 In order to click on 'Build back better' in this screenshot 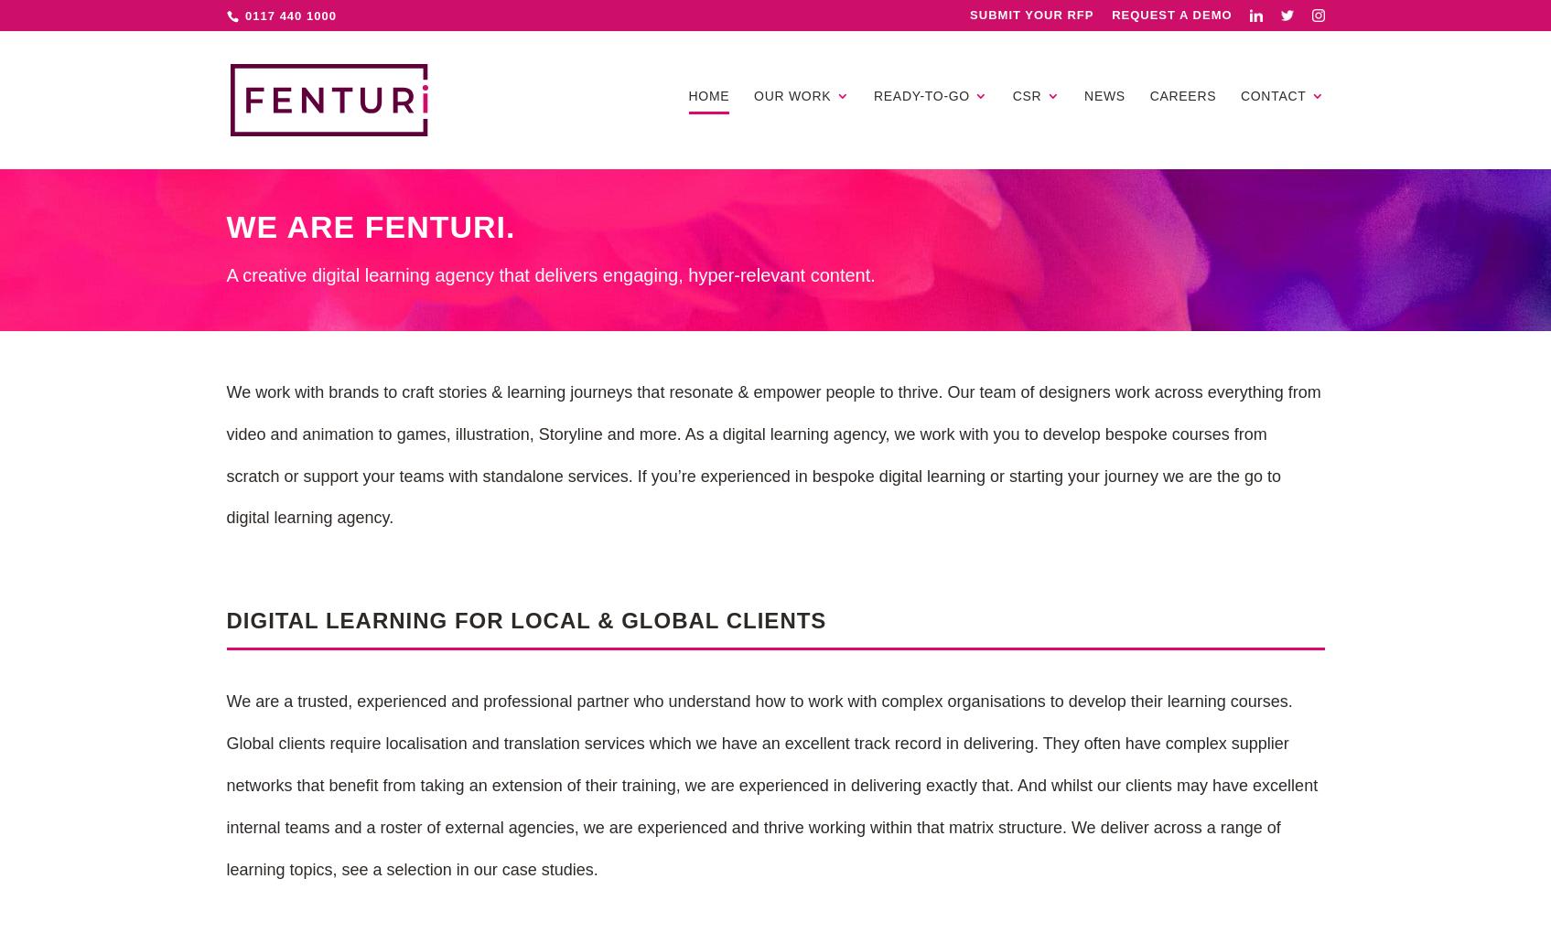, I will do `click(1082, 306)`.